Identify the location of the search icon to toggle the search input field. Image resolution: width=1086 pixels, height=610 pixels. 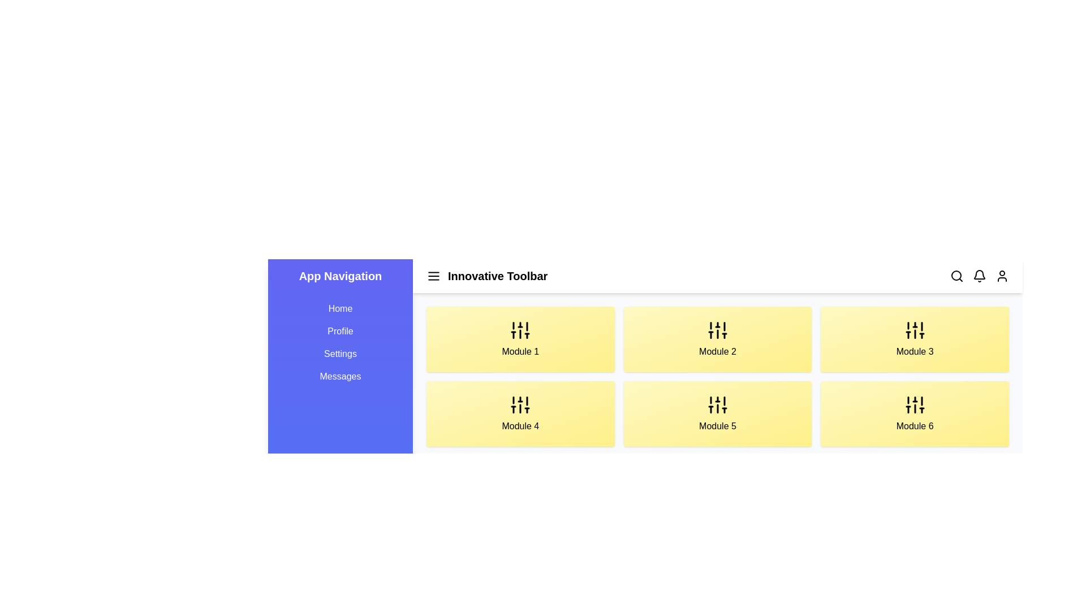
(956, 276).